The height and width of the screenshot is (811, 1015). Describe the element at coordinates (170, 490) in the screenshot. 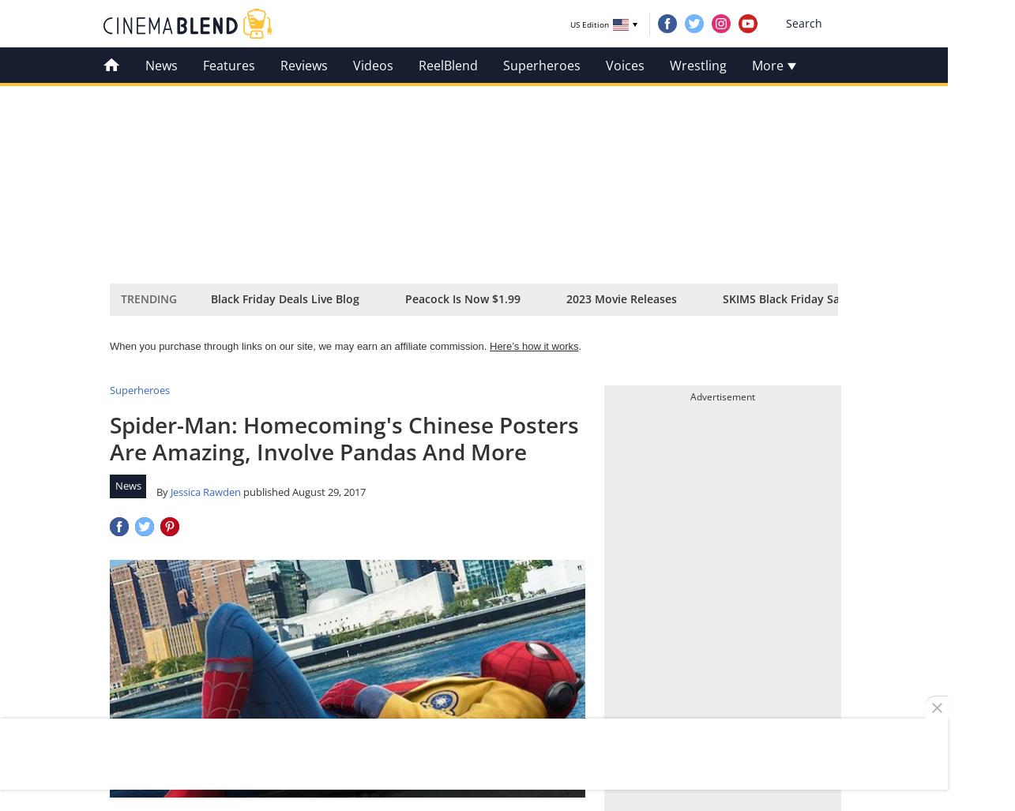

I see `'Jessica Rawden'` at that location.